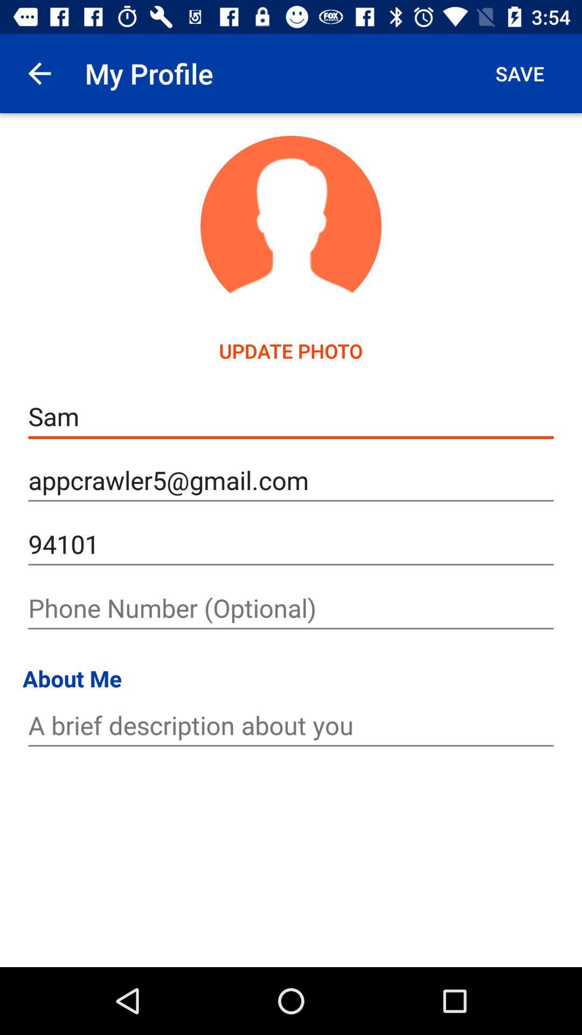  What do you see at coordinates (291, 544) in the screenshot?
I see `94101 item` at bounding box center [291, 544].